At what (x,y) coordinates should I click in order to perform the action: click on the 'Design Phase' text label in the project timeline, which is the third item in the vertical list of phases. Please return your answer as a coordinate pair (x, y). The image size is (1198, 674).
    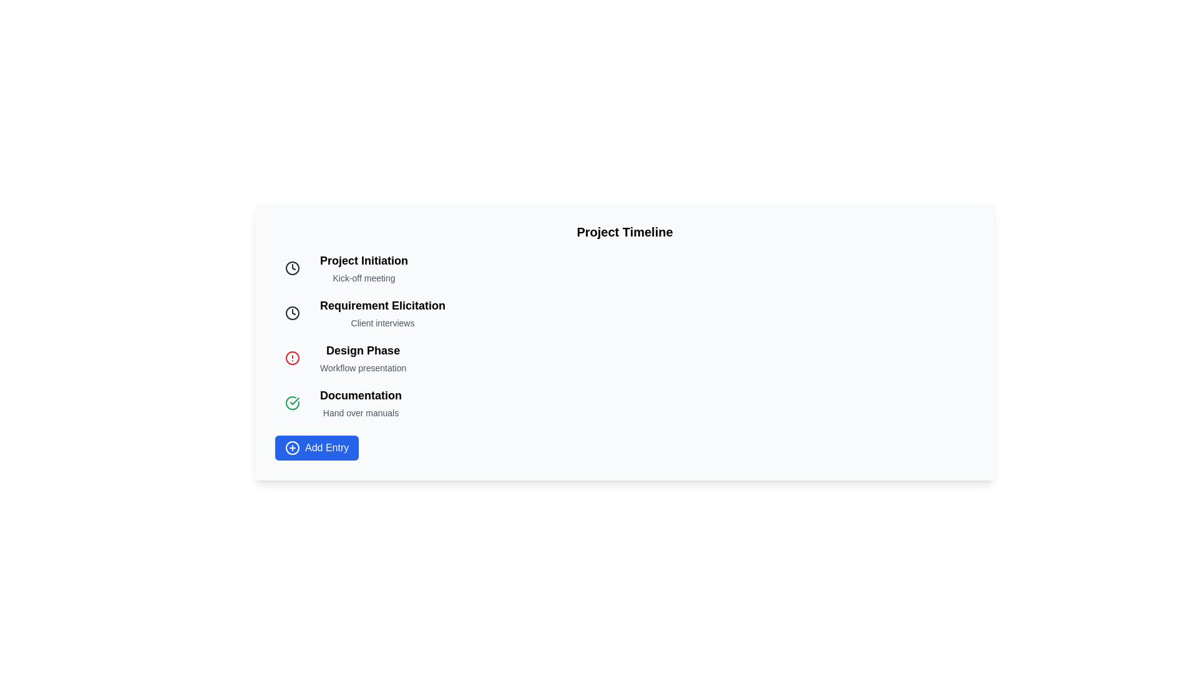
    Looking at the image, I should click on (363, 358).